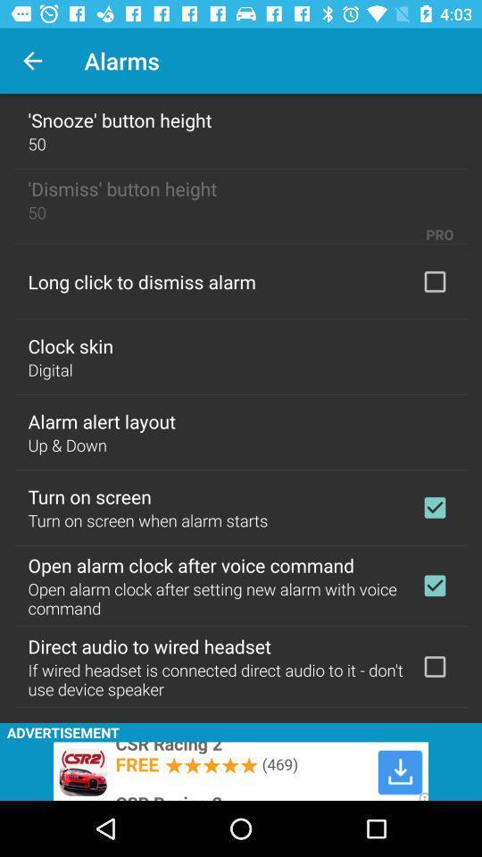 This screenshot has height=857, width=482. I want to click on check to turn on option, so click(434, 507).